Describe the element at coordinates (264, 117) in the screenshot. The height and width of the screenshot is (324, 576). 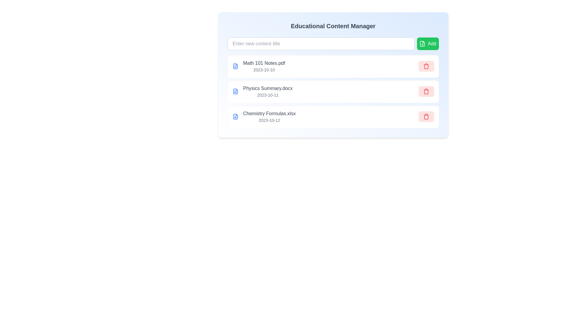
I see `the file list entry displaying 'Chemistry Formulas.xlsx'` at that location.